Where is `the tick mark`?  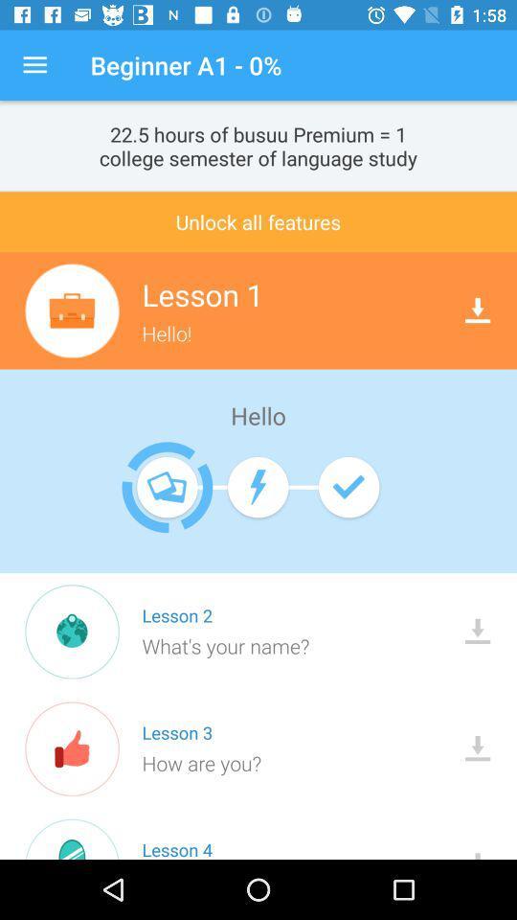 the tick mark is located at coordinates (348, 486).